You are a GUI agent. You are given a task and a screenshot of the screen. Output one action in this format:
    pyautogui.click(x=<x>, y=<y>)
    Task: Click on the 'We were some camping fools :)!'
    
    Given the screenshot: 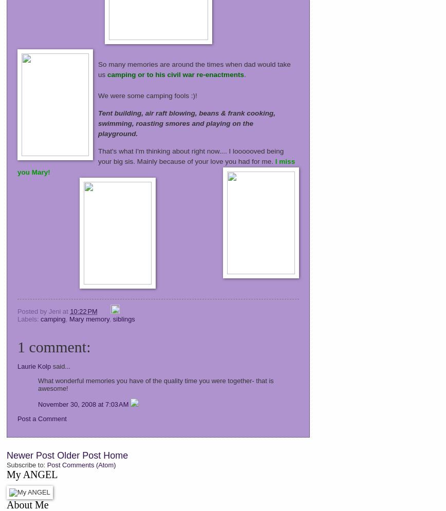 What is the action you would take?
    pyautogui.click(x=147, y=95)
    